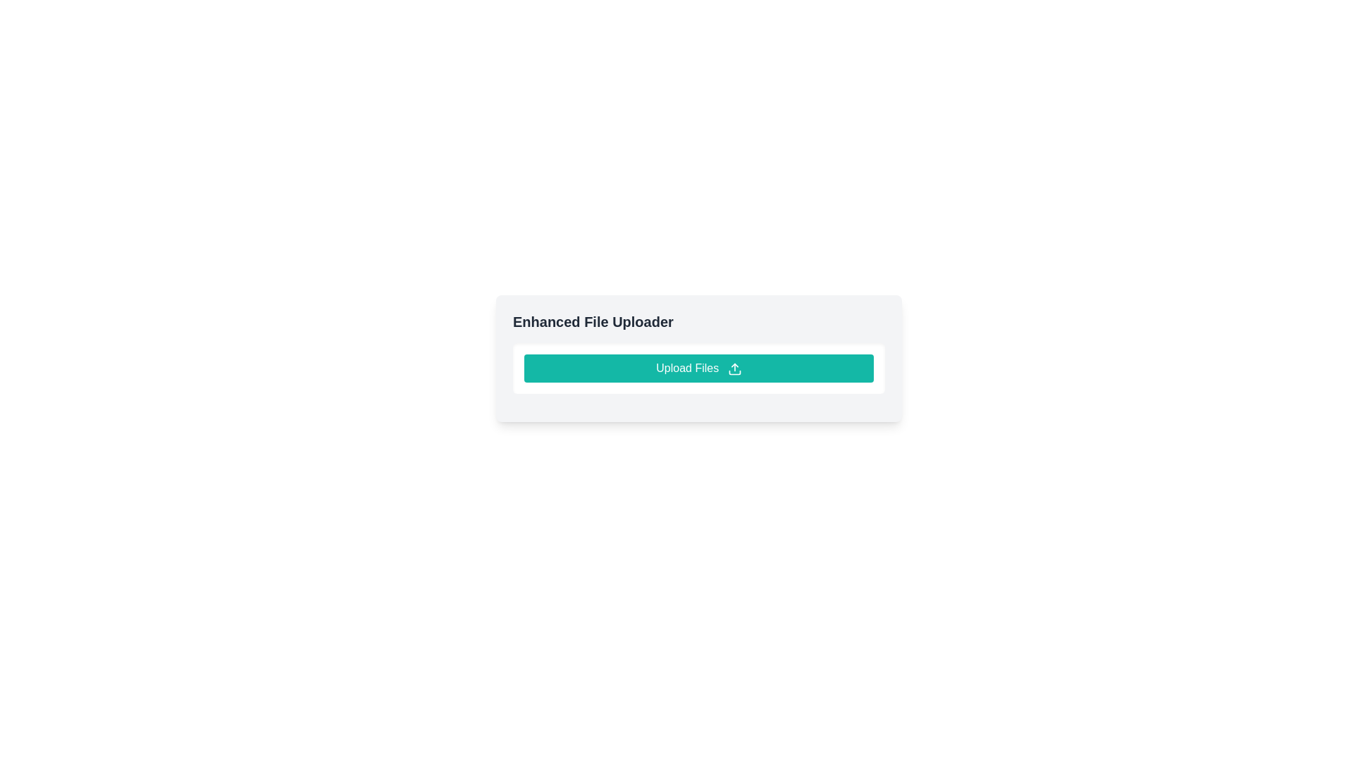  I want to click on the upward arrow icon embedded in the 'Upload Files' button, which has a teal background and indicates an upload action, so click(734, 368).